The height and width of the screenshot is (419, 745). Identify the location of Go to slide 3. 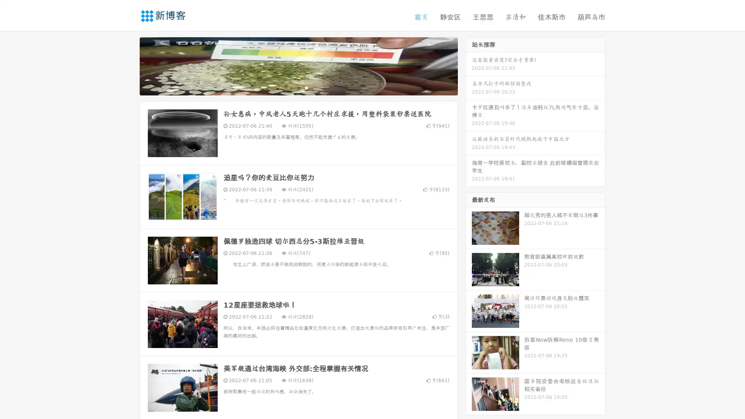
(306, 87).